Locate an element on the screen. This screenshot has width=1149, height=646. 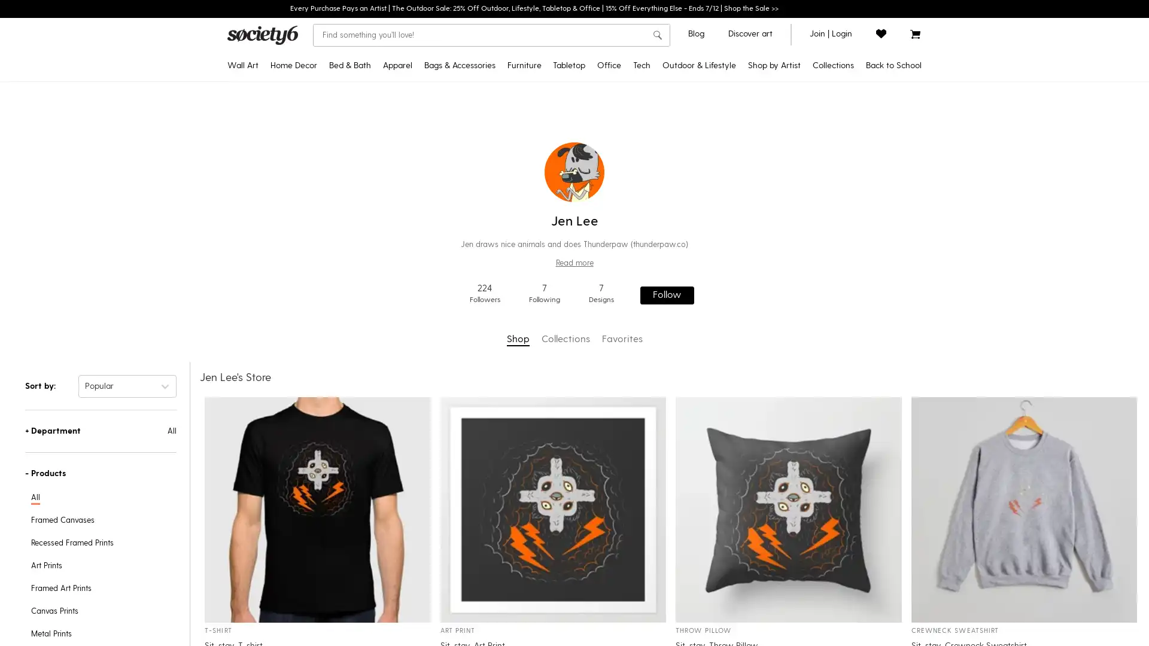
Backpacks is located at coordinates (467, 134).